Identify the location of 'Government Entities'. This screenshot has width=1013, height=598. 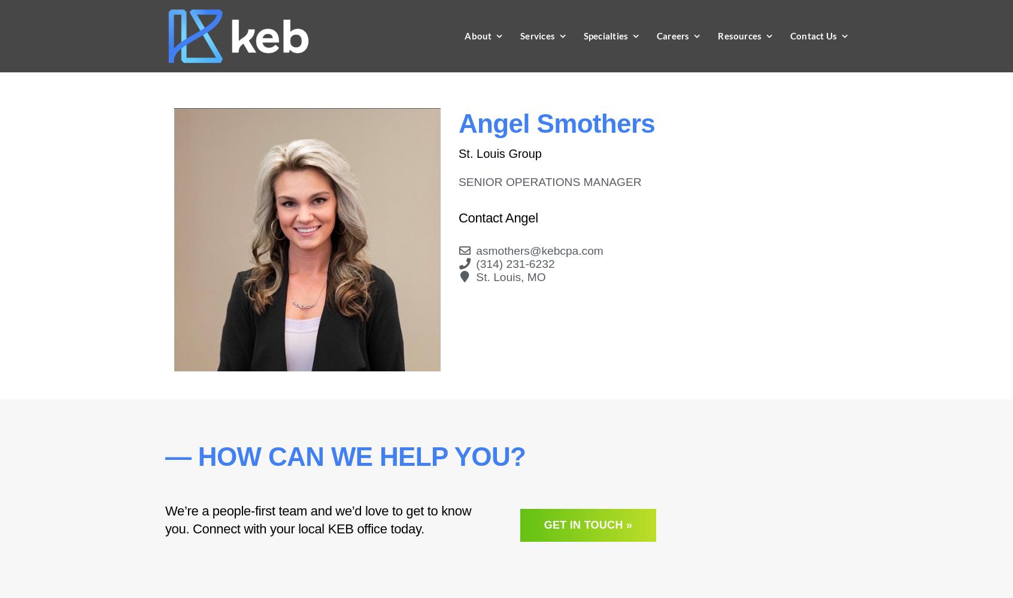
(639, 380).